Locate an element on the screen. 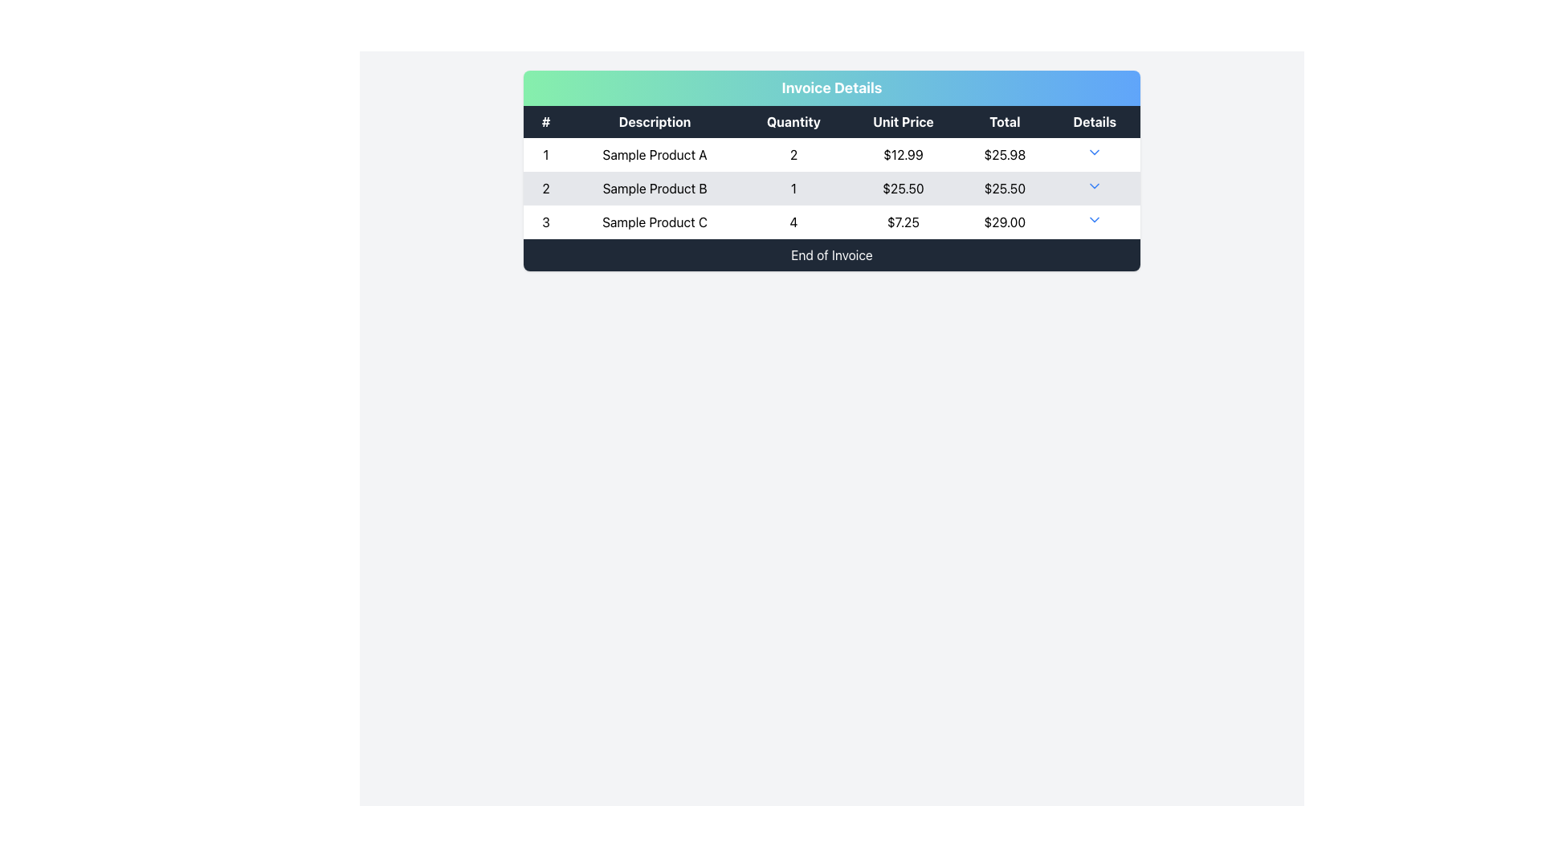  the text label for 'Sample Product B' located in the second row of the table under the 'Description' column is located at coordinates (655, 188).